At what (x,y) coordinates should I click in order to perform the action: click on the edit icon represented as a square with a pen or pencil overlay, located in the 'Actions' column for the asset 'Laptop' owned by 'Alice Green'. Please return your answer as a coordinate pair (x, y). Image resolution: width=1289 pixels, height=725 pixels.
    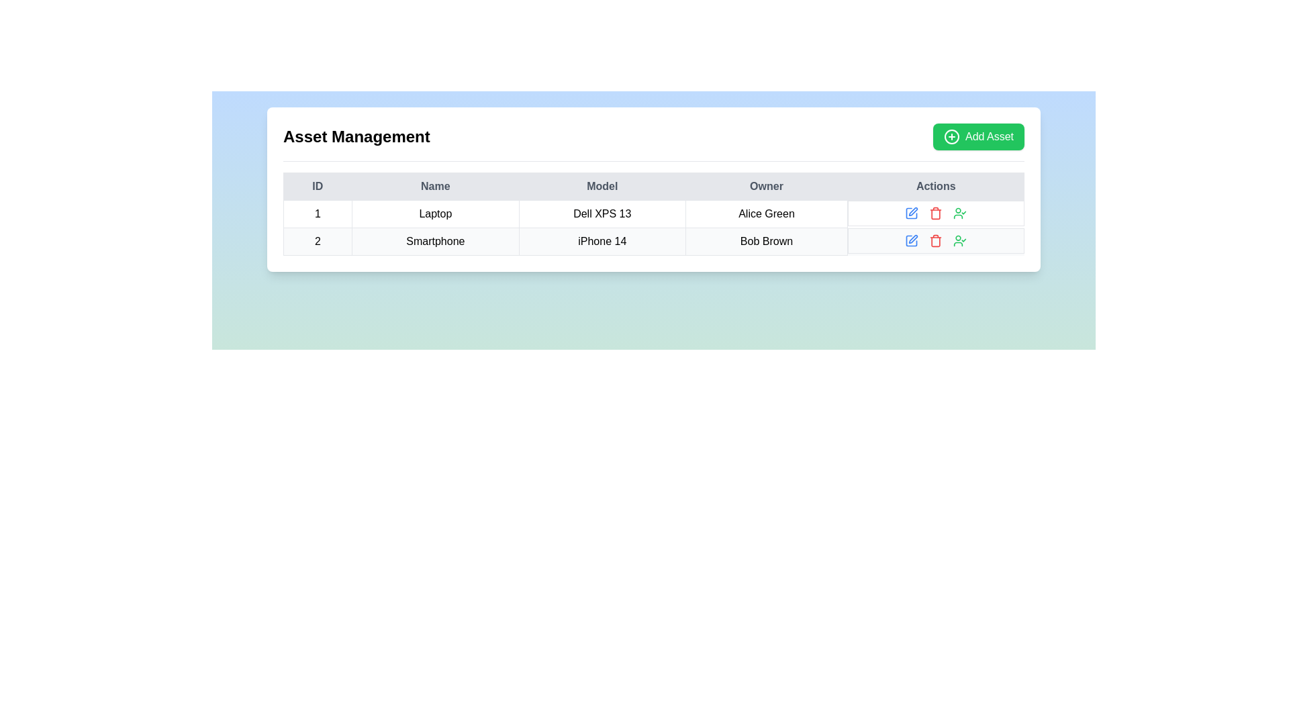
    Looking at the image, I should click on (912, 212).